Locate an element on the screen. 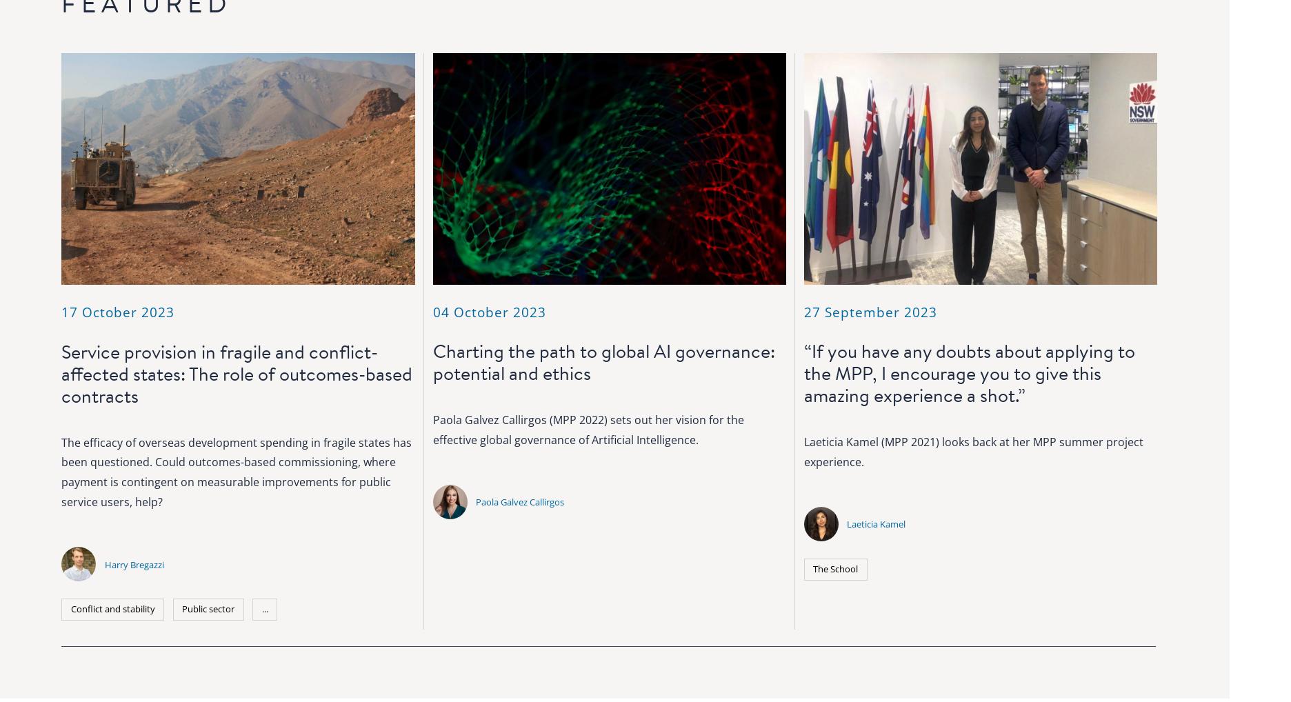 This screenshot has height=702, width=1291. 'Last name' is located at coordinates (972, 505).